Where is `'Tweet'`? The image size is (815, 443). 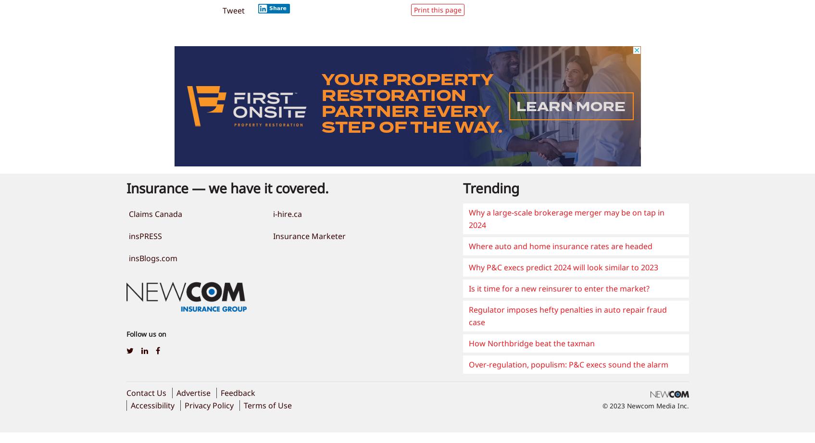
'Tweet' is located at coordinates (222, 11).